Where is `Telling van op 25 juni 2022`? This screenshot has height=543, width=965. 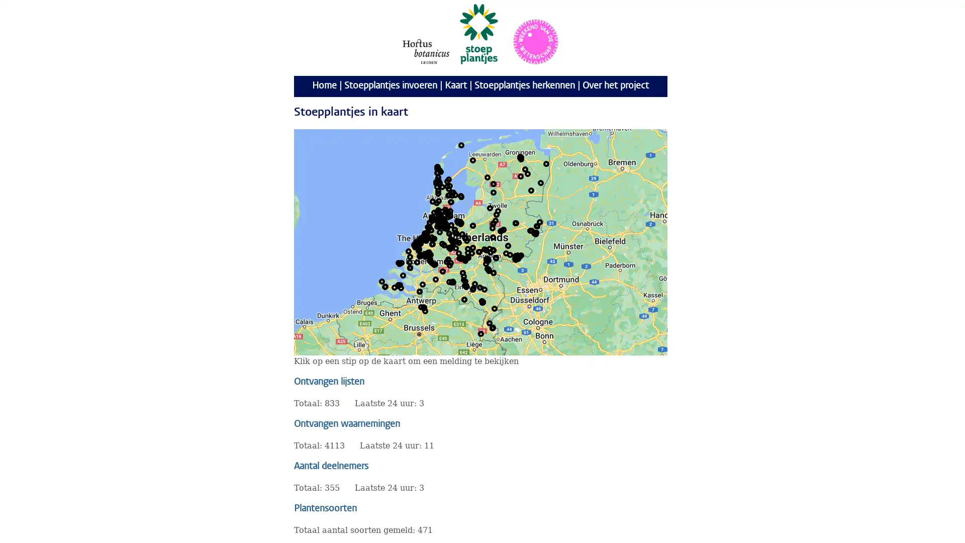
Telling van op 25 juni 2022 is located at coordinates (482, 302).